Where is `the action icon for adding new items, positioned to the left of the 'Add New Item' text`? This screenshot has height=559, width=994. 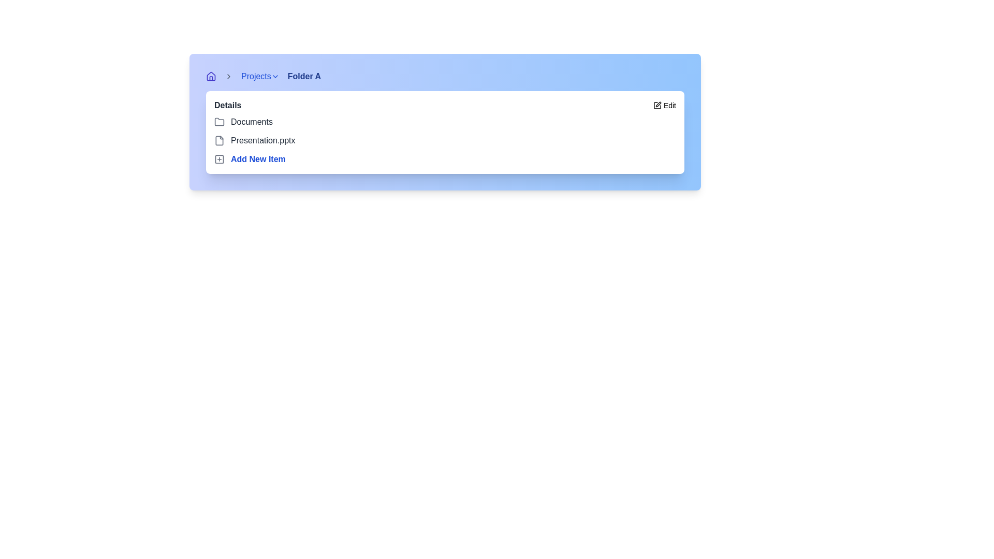 the action icon for adding new items, positioned to the left of the 'Add New Item' text is located at coordinates (218, 159).